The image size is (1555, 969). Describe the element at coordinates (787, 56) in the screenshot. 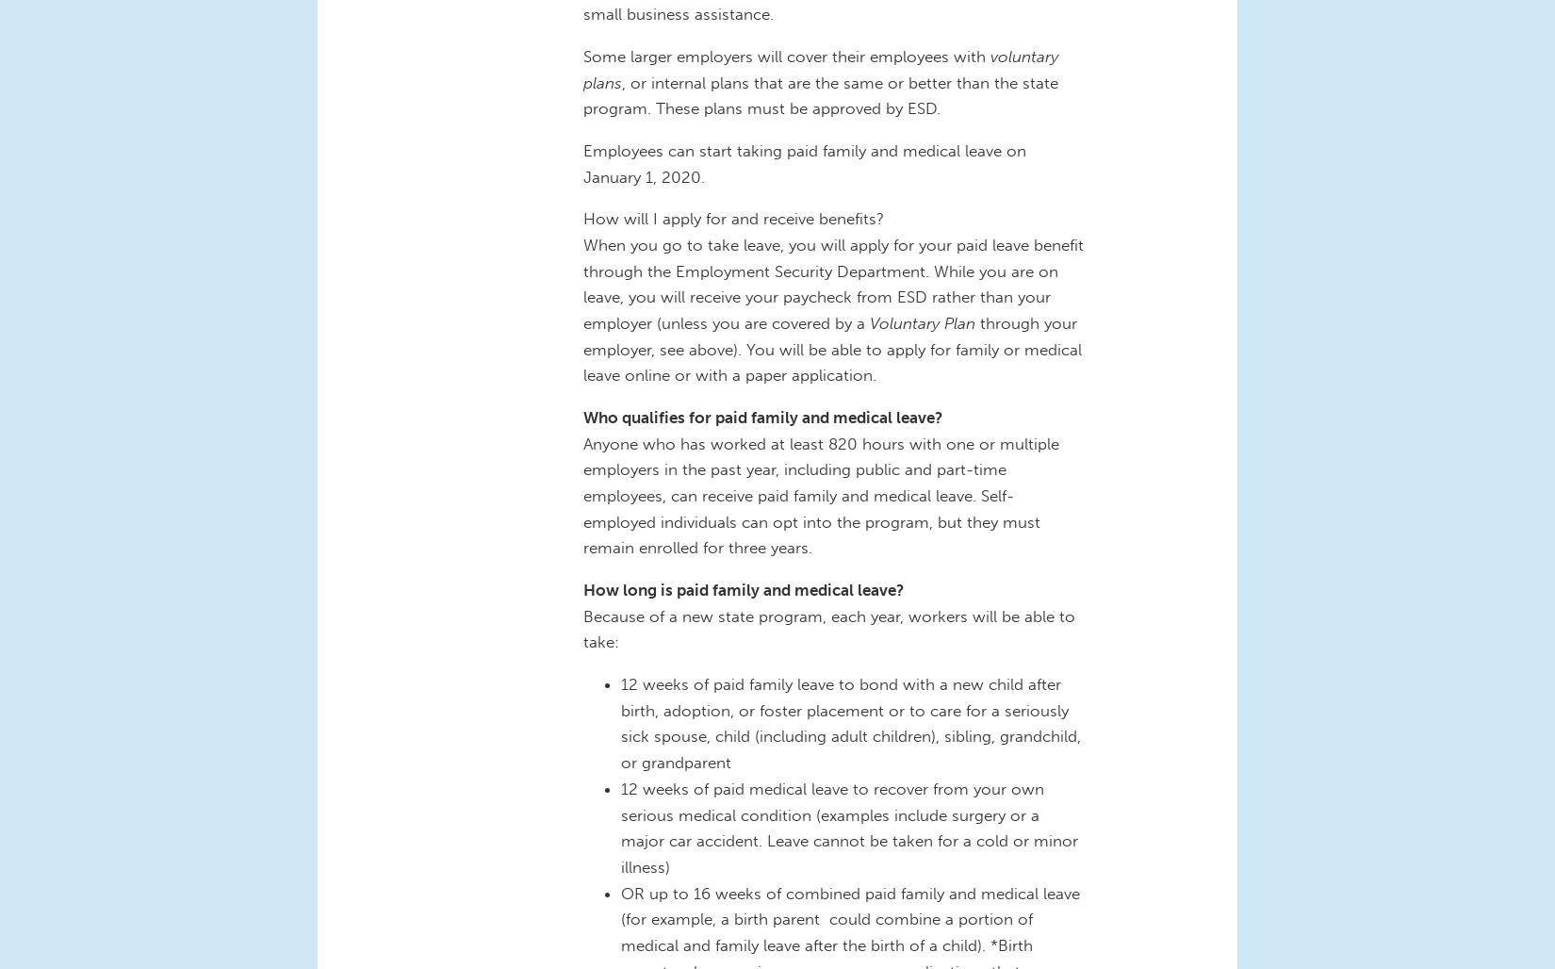

I see `'Some larger employers will cover their employees with'` at that location.